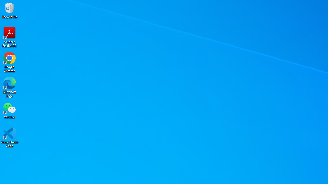  Describe the element at coordinates (9, 10) in the screenshot. I see `'Recycle Bin'` at that location.